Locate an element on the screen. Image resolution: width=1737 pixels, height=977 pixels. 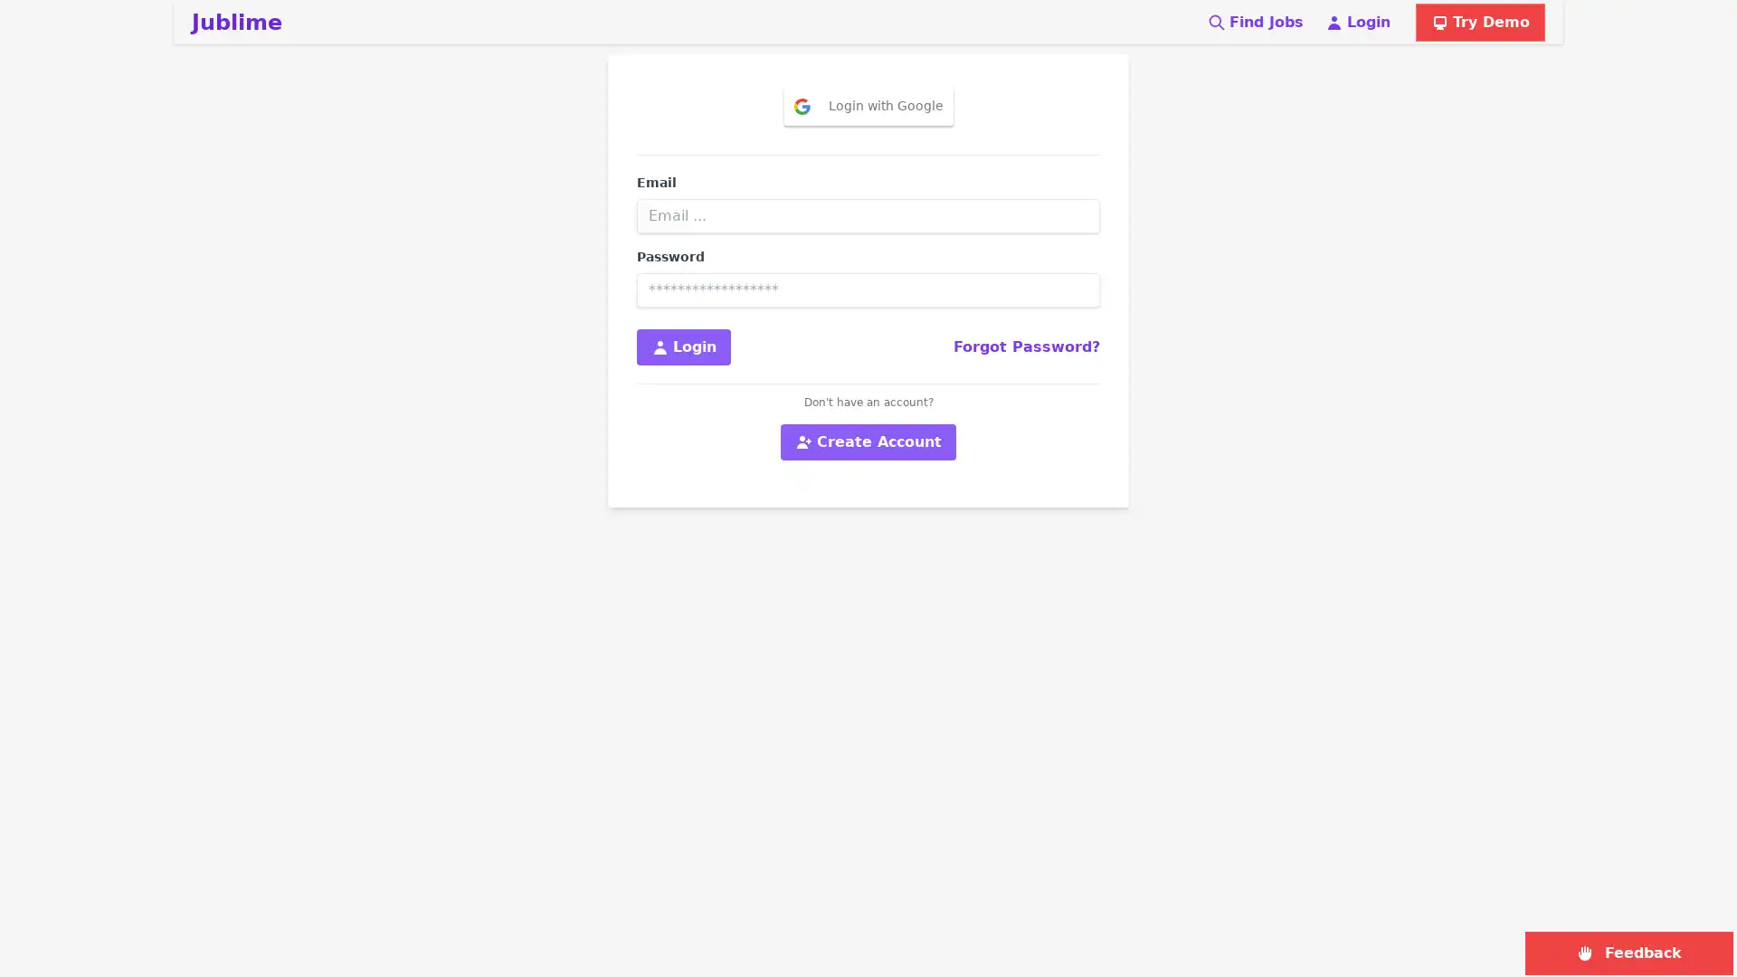
Find Jobs is located at coordinates (1254, 22).